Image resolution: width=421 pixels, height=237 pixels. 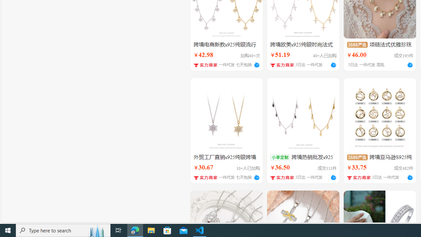 I want to click on 'Class: shop-icon h14', so click(x=358, y=177).